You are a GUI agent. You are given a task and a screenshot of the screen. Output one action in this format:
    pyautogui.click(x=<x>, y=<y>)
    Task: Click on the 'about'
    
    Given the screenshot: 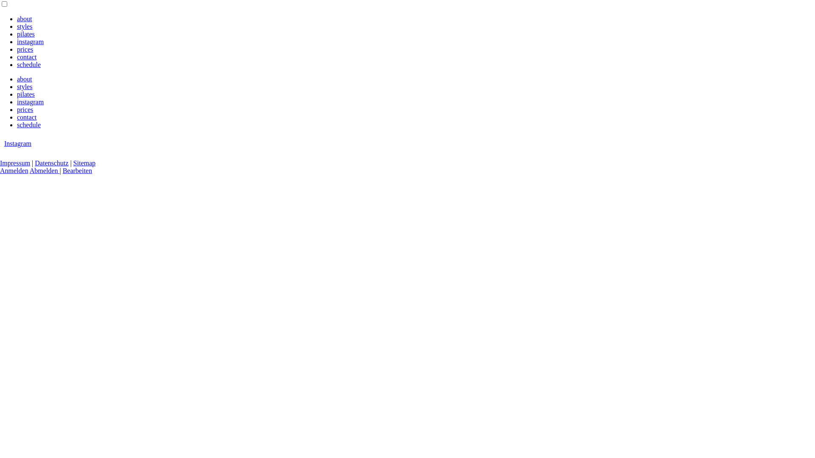 What is the action you would take?
    pyautogui.click(x=24, y=19)
    